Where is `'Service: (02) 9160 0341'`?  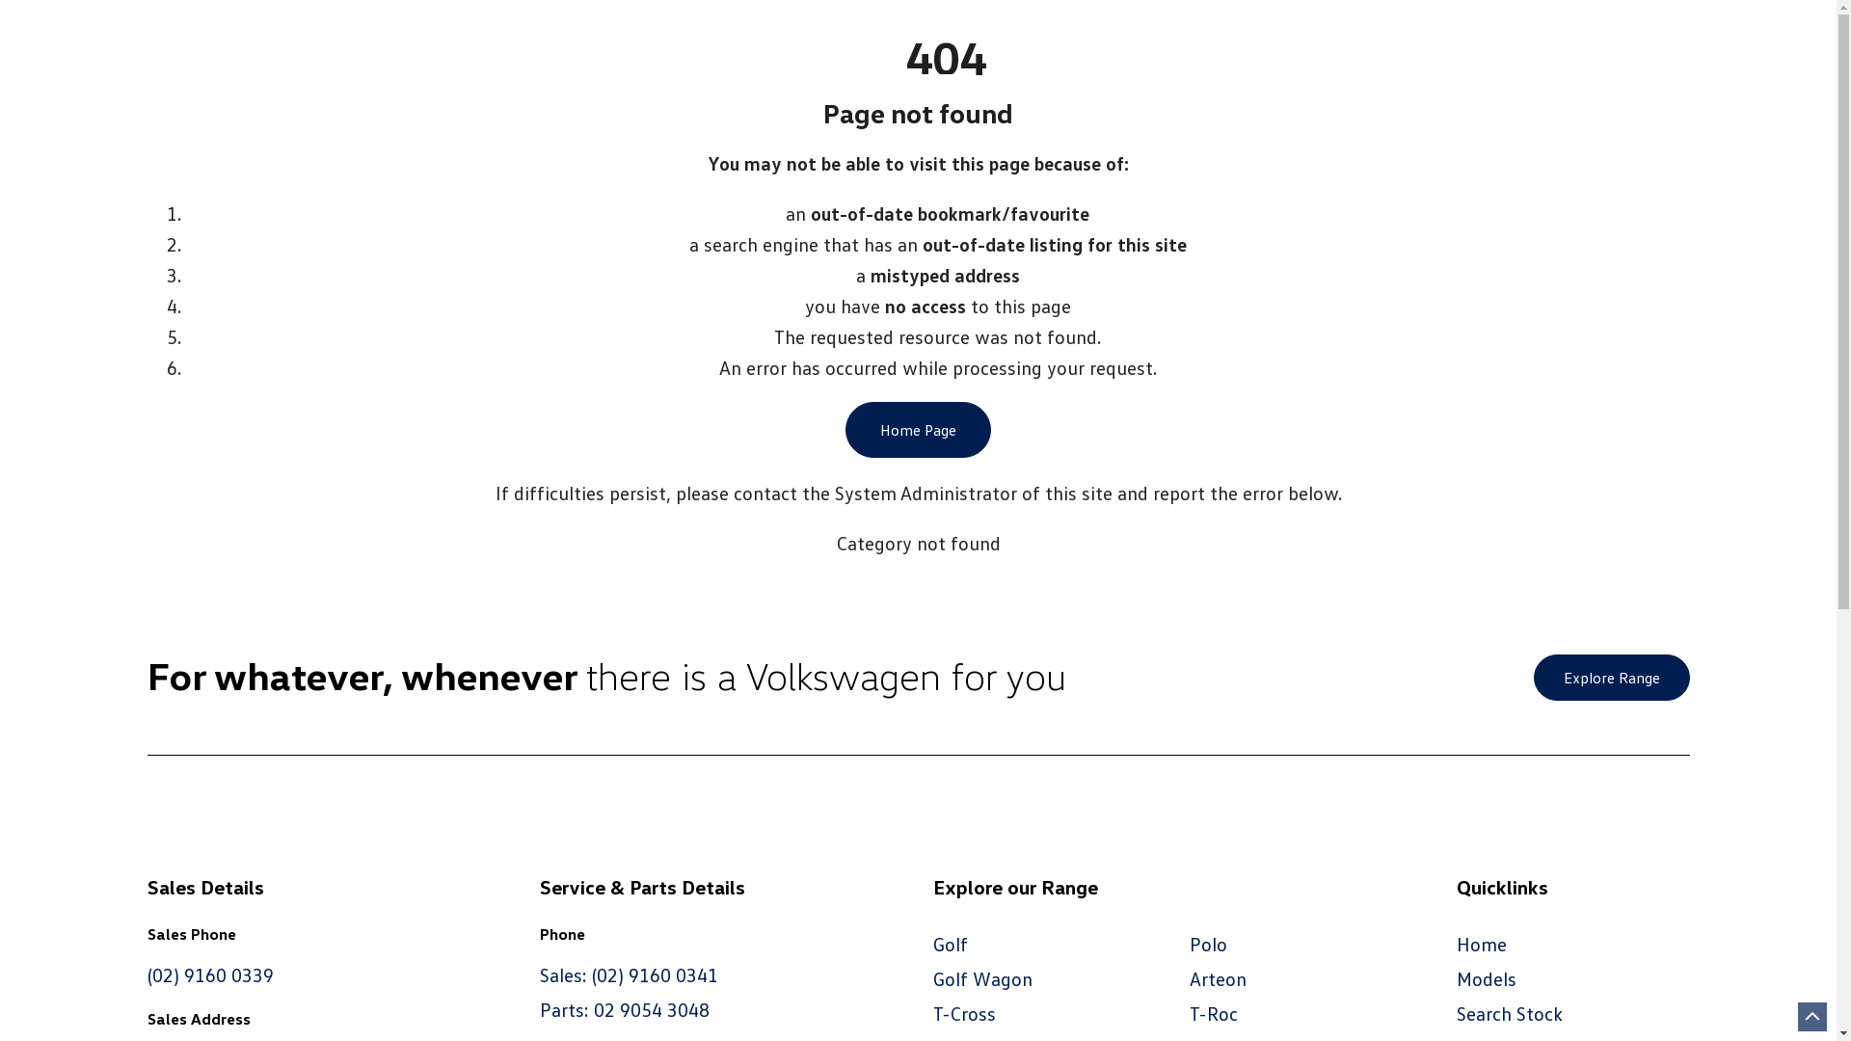
'Service: (02) 9160 0341' is located at coordinates (476, 37).